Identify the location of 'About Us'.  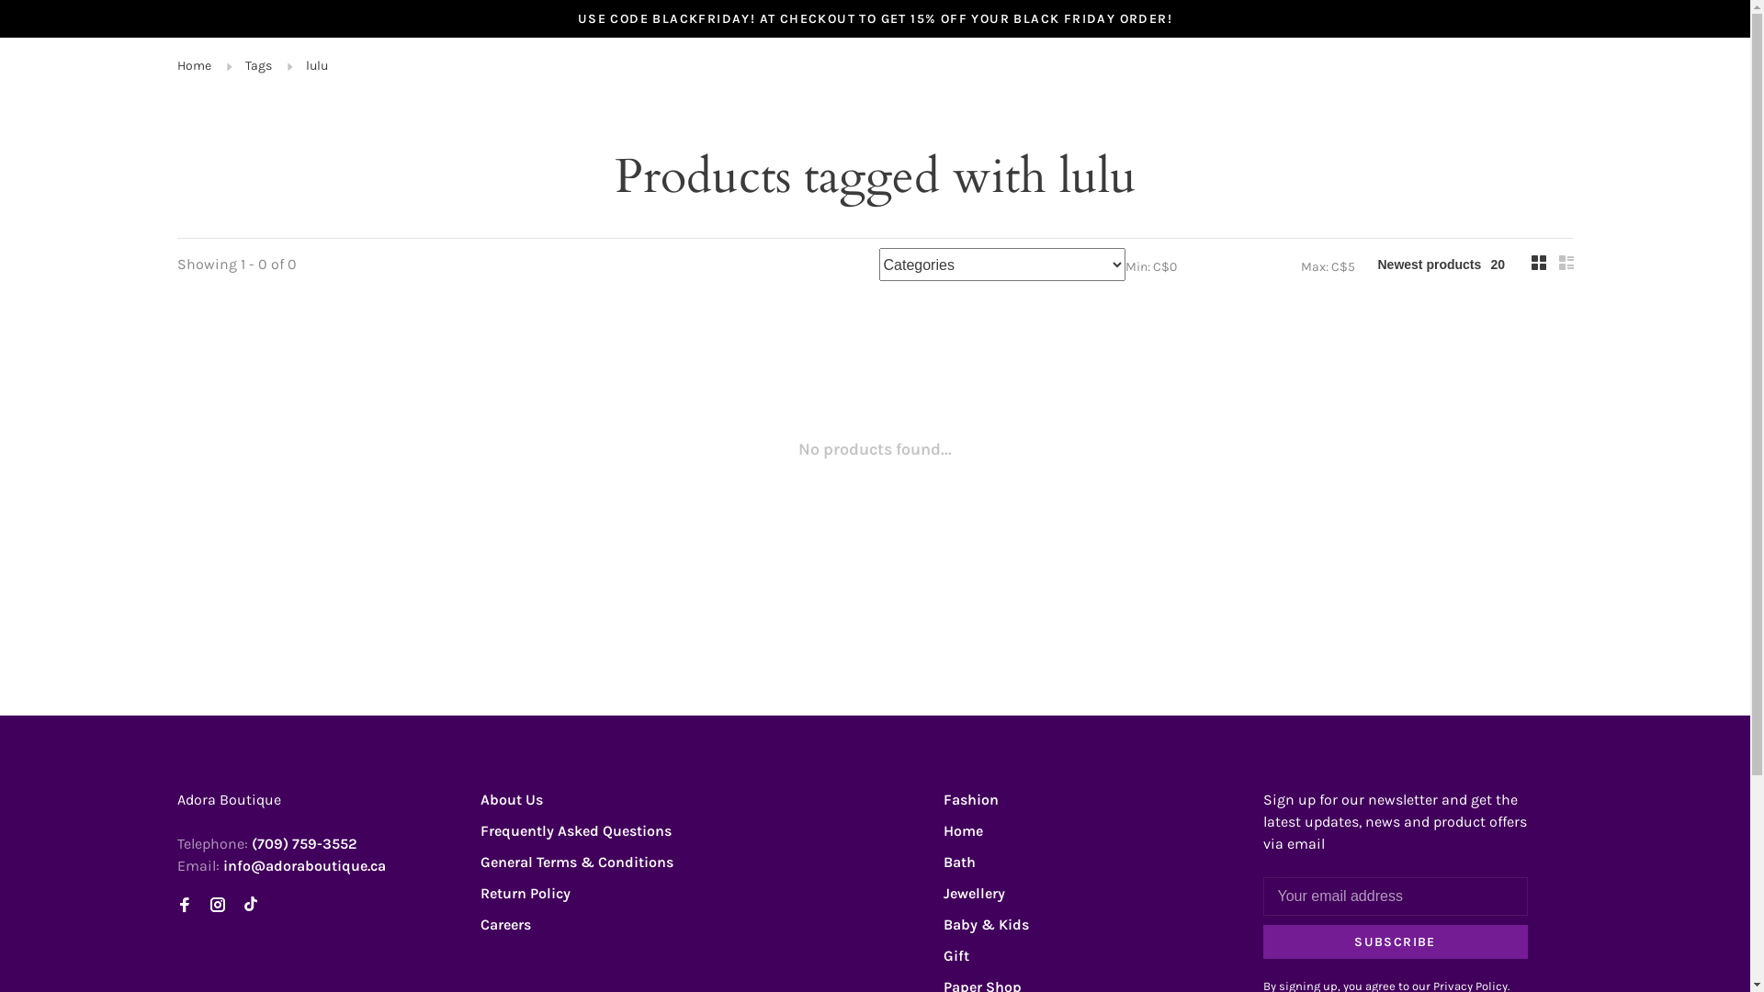
(511, 798).